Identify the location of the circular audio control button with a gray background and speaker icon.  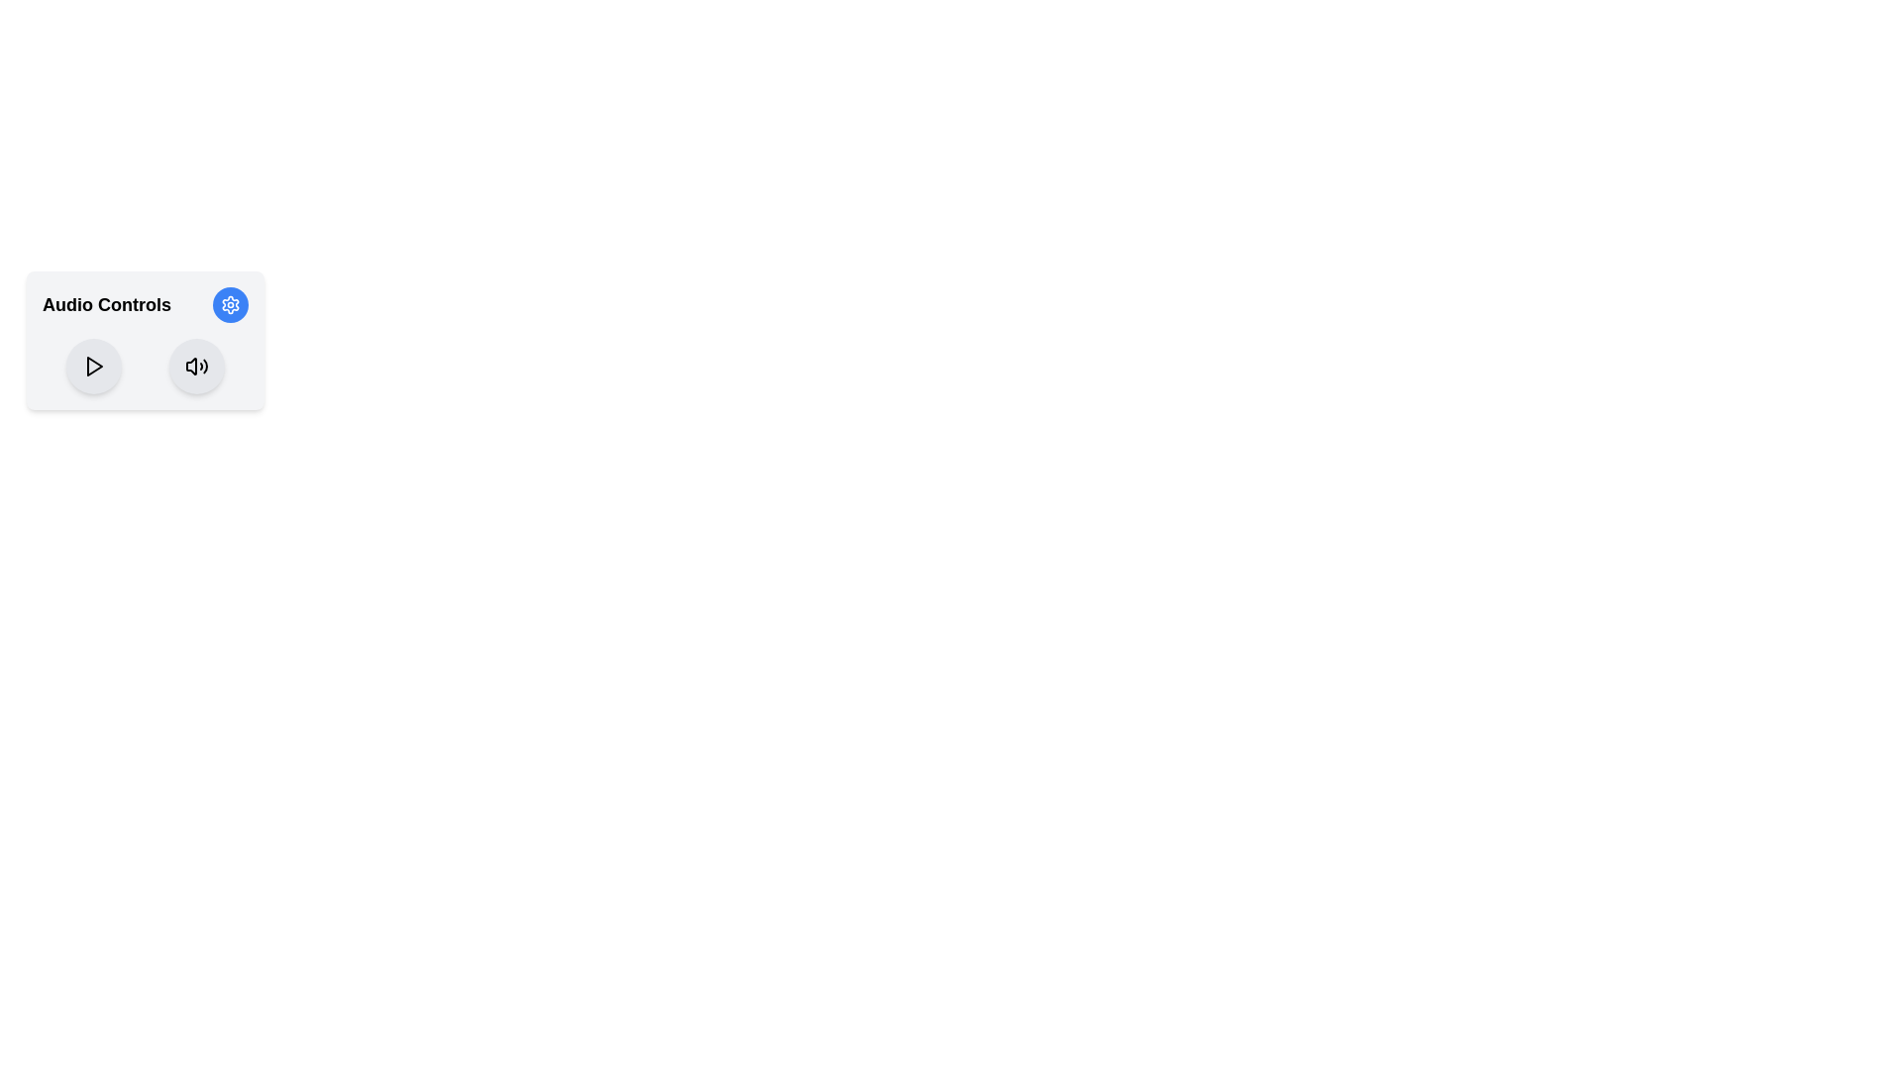
(196, 367).